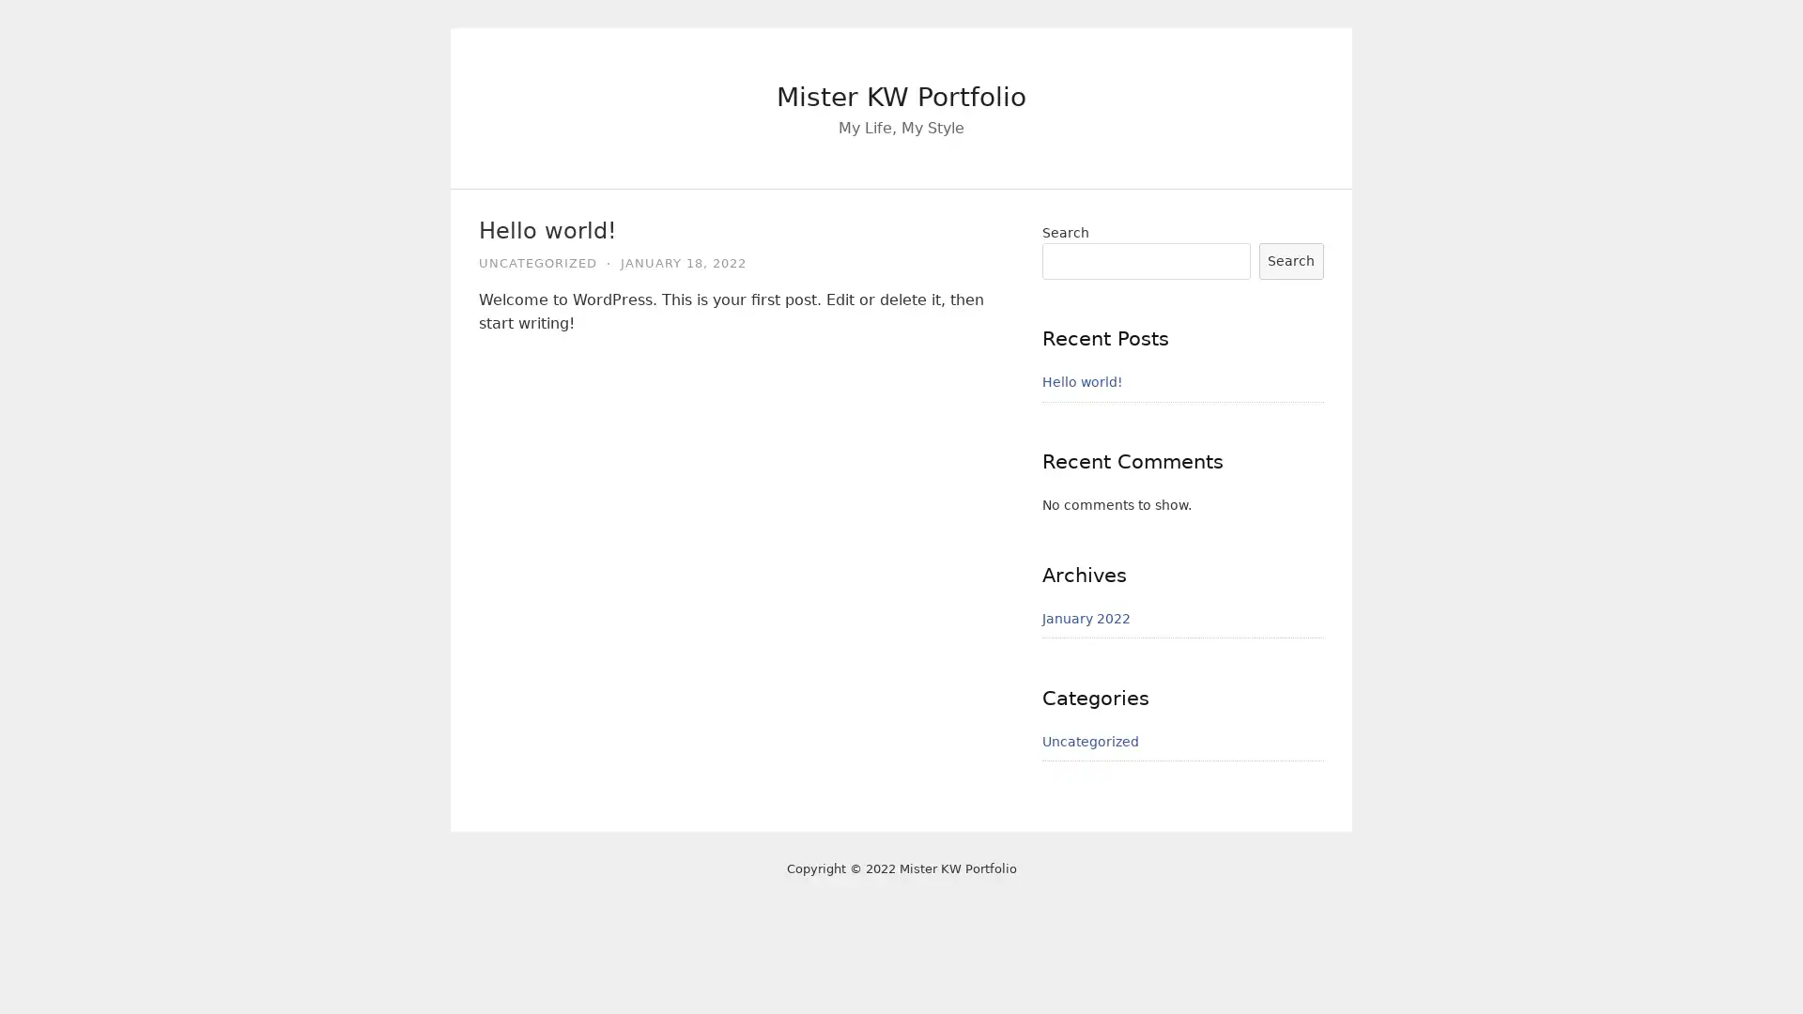 The image size is (1803, 1014). I want to click on Search, so click(1289, 260).